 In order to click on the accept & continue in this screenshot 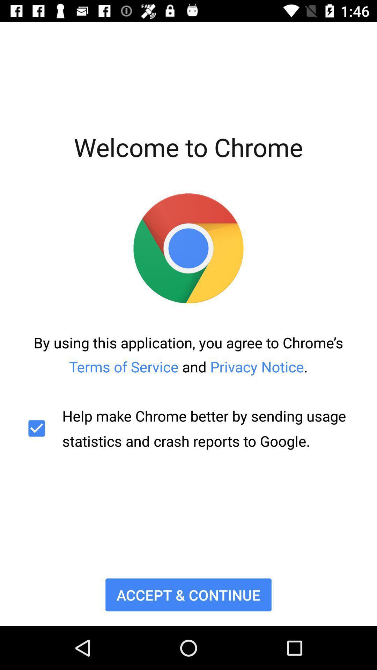, I will do `click(188, 594)`.